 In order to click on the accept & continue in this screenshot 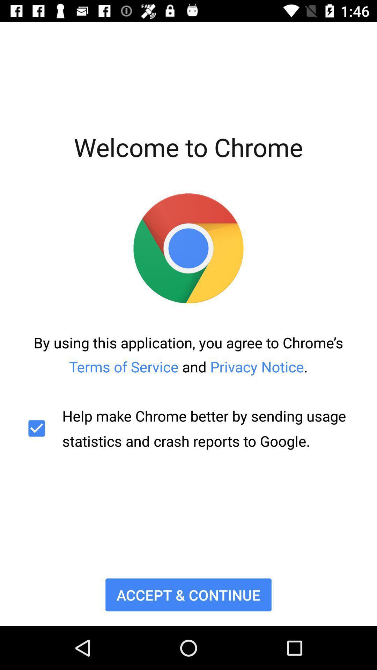, I will do `click(188, 594)`.